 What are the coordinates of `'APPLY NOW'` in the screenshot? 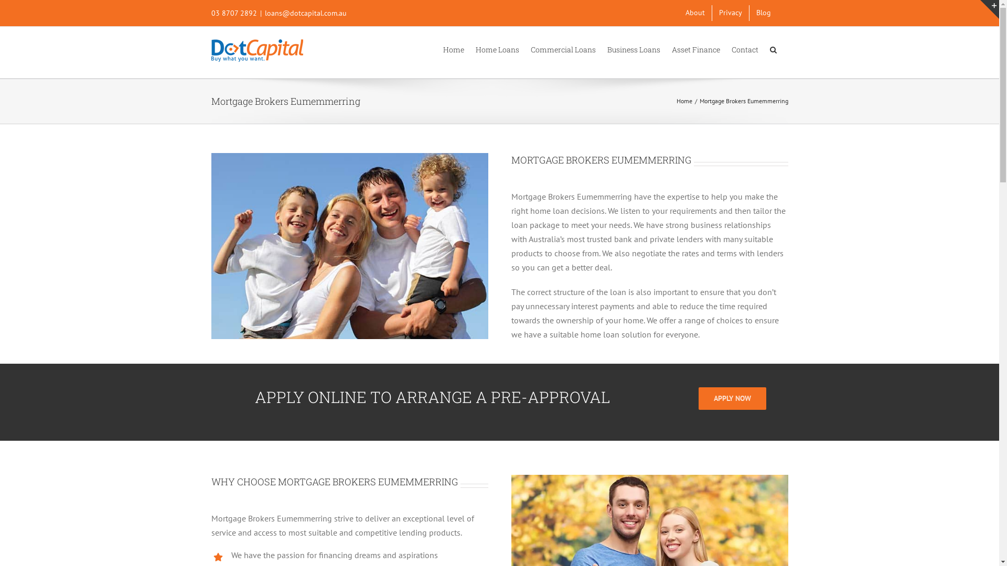 It's located at (732, 398).